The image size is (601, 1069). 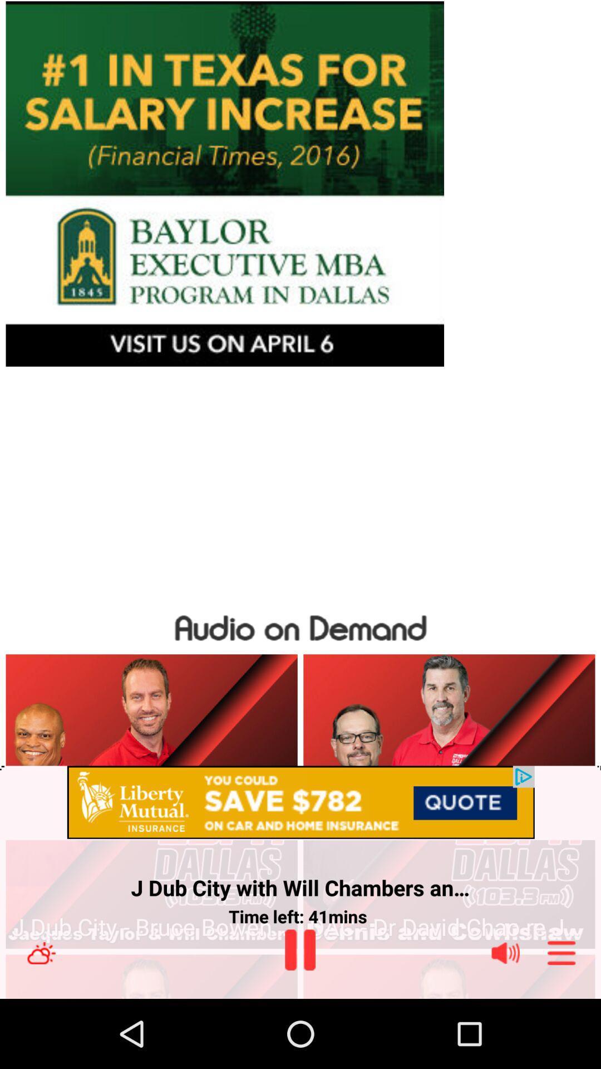 I want to click on the blinking box with picture means thats where you can adjust your volume, so click(x=505, y=952).